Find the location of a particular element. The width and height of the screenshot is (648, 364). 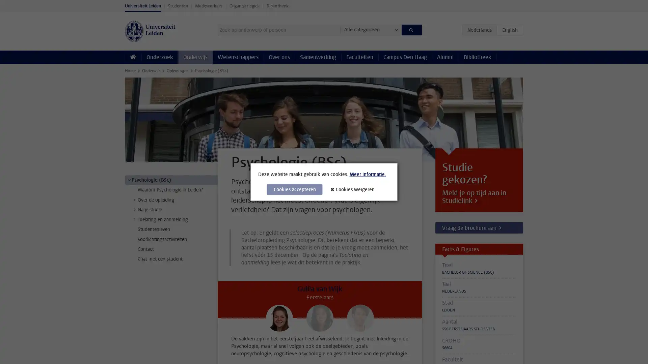

Cookies weigeren is located at coordinates (354, 189).